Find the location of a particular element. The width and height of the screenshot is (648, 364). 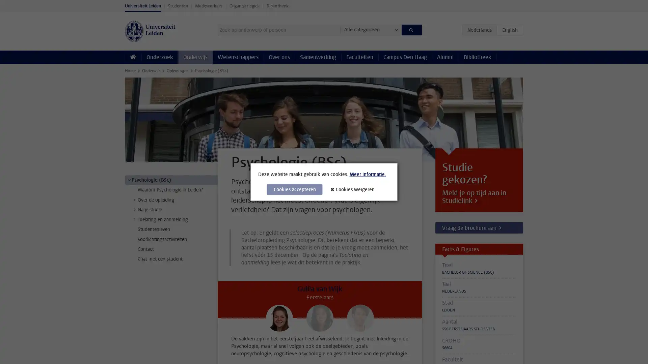

Cookies weigeren is located at coordinates (354, 189).